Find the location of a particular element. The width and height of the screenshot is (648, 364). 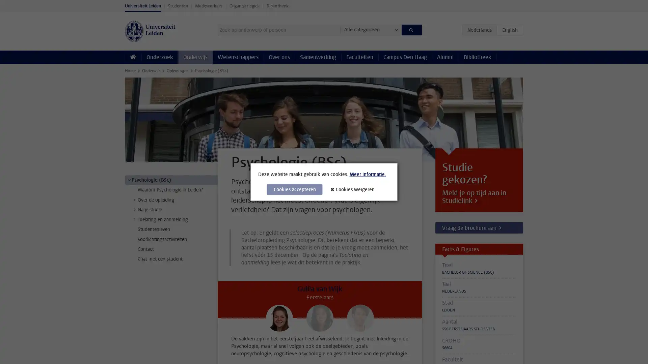

Cookies weigeren is located at coordinates (354, 189).